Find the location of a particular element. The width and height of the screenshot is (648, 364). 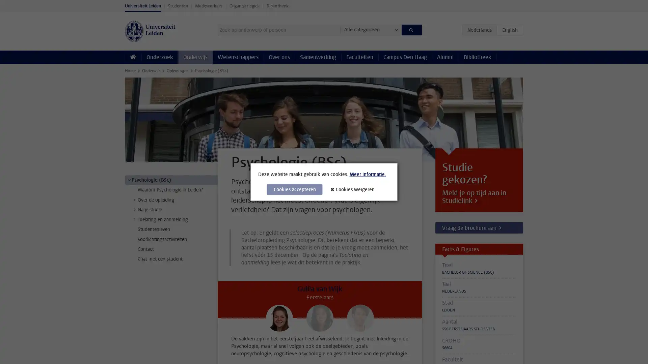

Cookies weigeren is located at coordinates (354, 189).